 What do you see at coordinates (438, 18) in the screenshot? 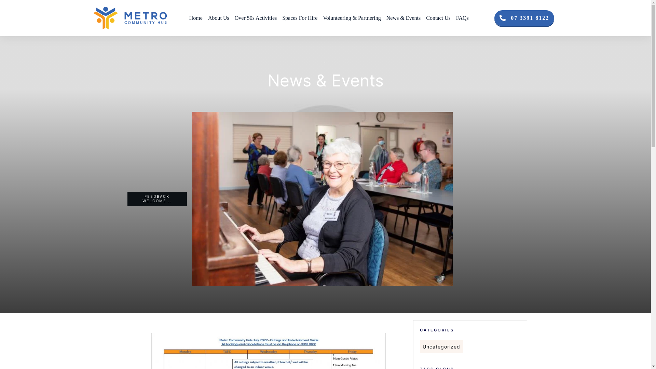
I see `'Contact Us'` at bounding box center [438, 18].